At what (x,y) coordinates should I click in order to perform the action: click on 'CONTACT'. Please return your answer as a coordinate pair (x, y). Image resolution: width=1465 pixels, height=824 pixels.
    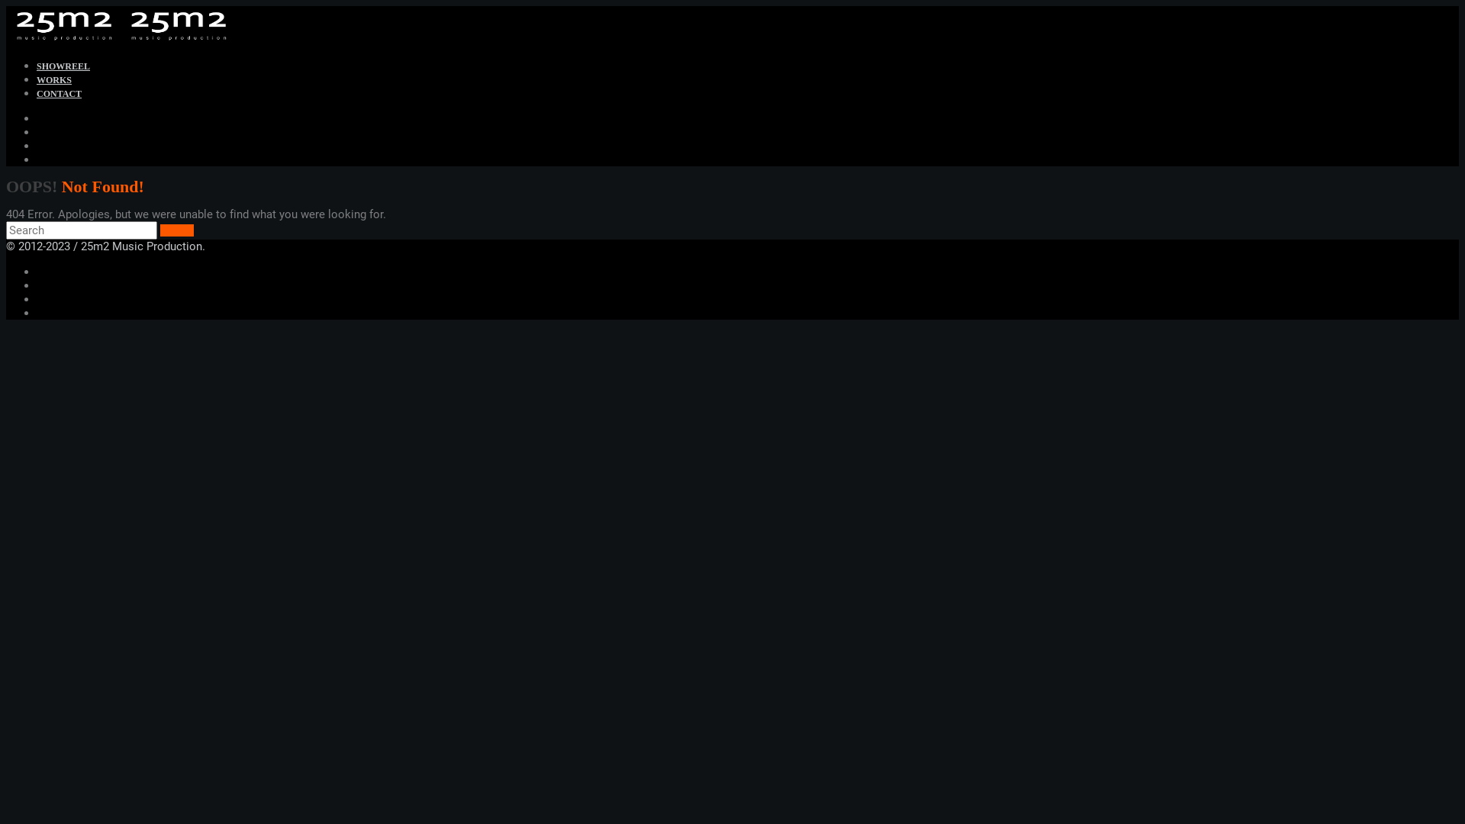
    Looking at the image, I should click on (59, 94).